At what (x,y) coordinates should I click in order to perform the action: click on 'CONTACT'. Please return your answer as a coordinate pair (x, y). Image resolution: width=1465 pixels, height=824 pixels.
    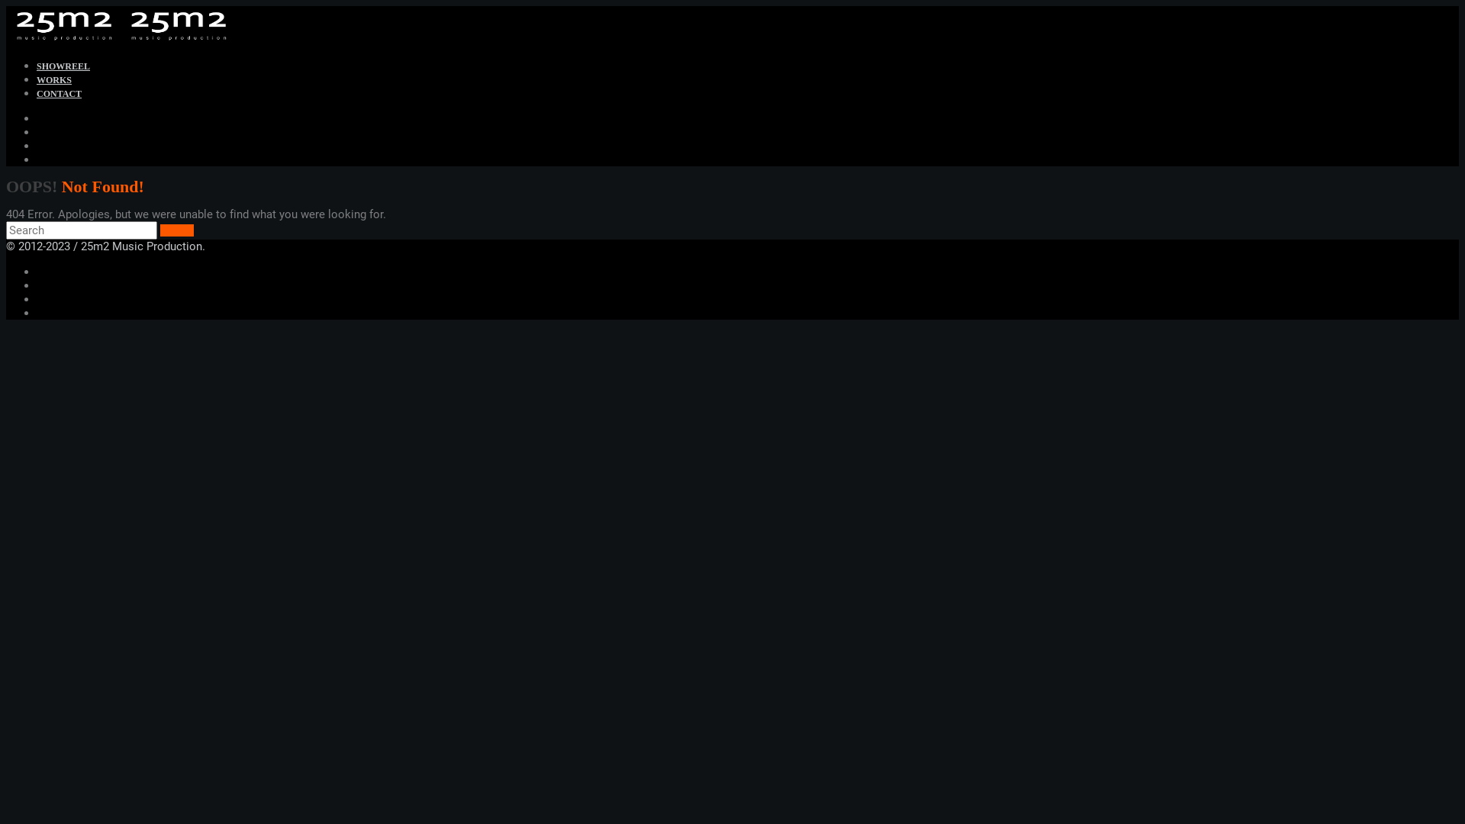
    Looking at the image, I should click on (59, 94).